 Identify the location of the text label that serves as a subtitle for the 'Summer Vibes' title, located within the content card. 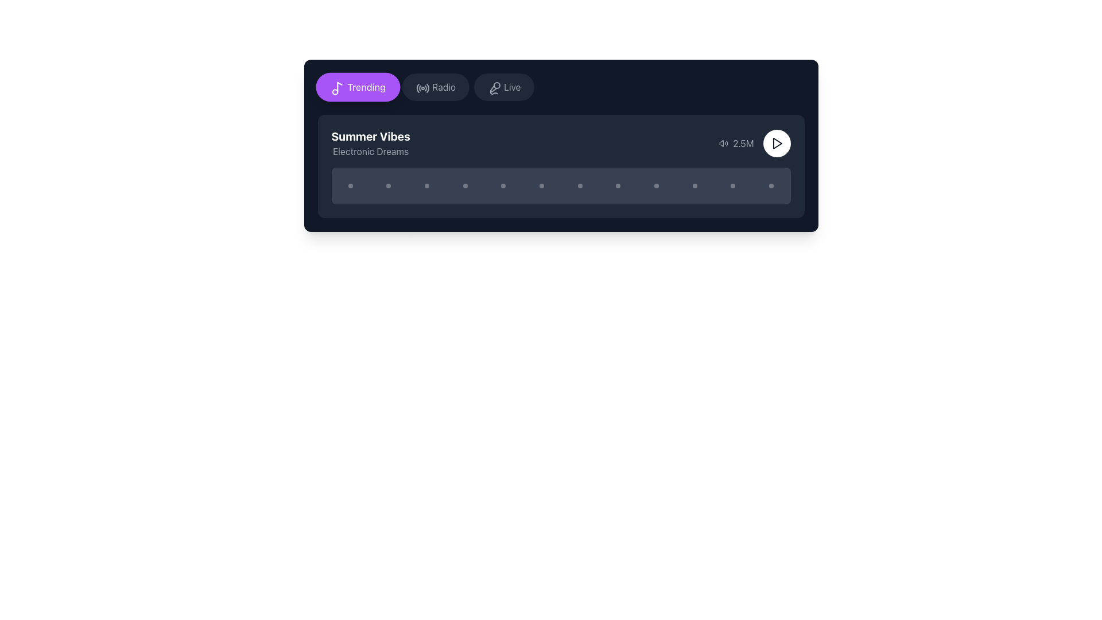
(371, 150).